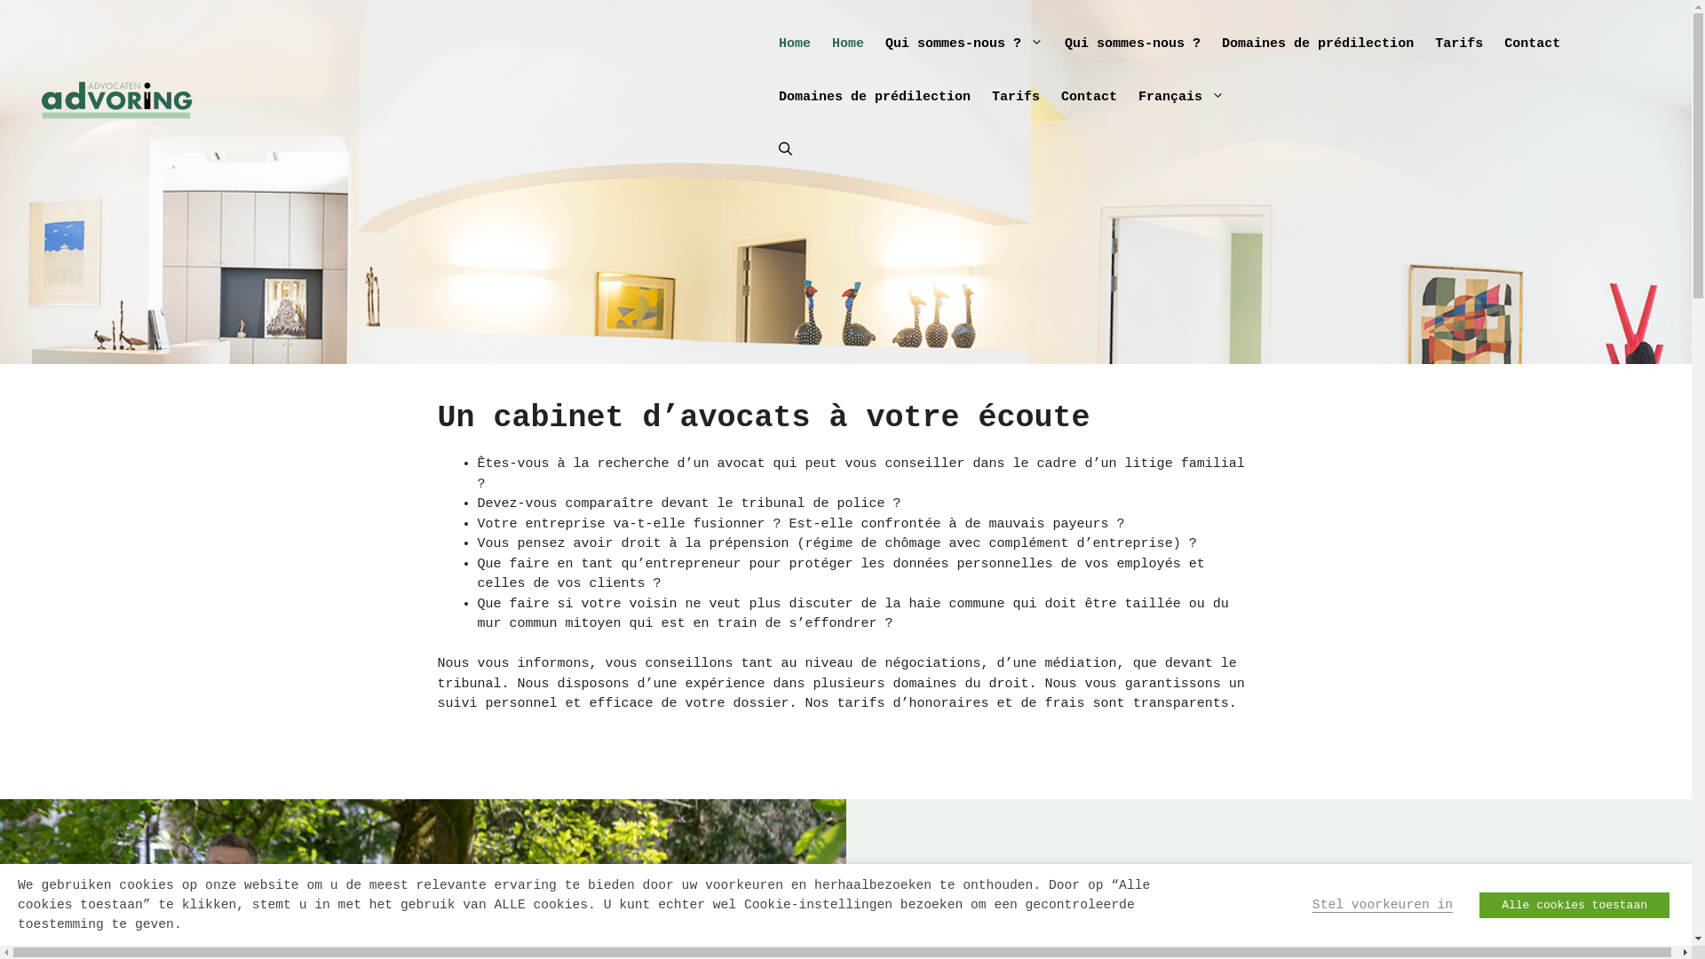 The image size is (1705, 959). I want to click on 'Contact', so click(1088, 98).